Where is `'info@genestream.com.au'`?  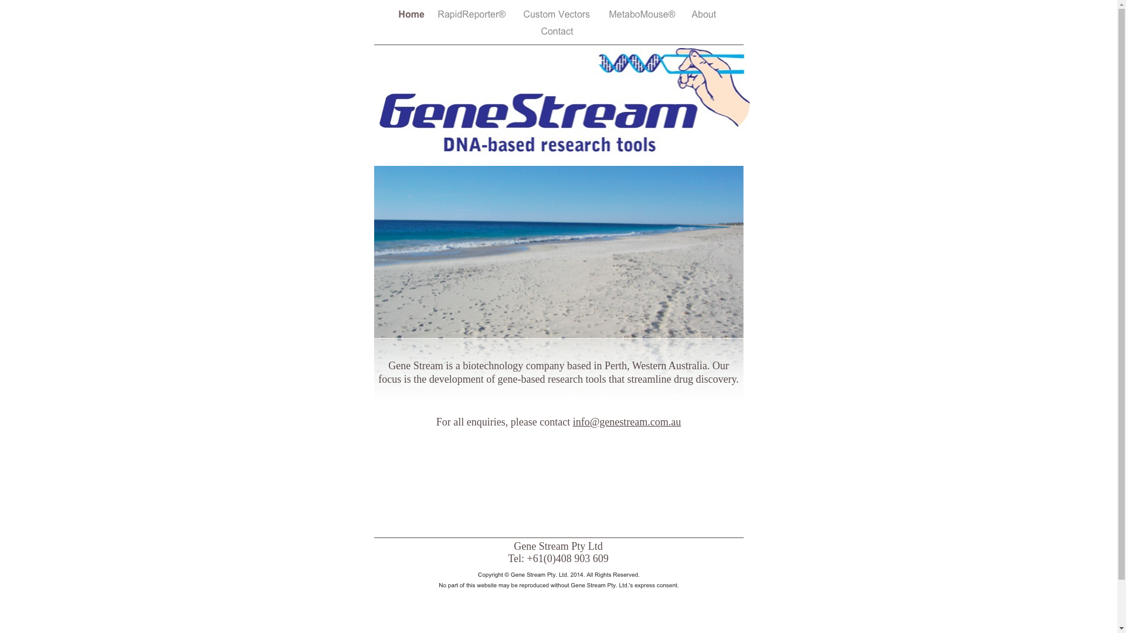 'info@genestream.com.au' is located at coordinates (626, 422).